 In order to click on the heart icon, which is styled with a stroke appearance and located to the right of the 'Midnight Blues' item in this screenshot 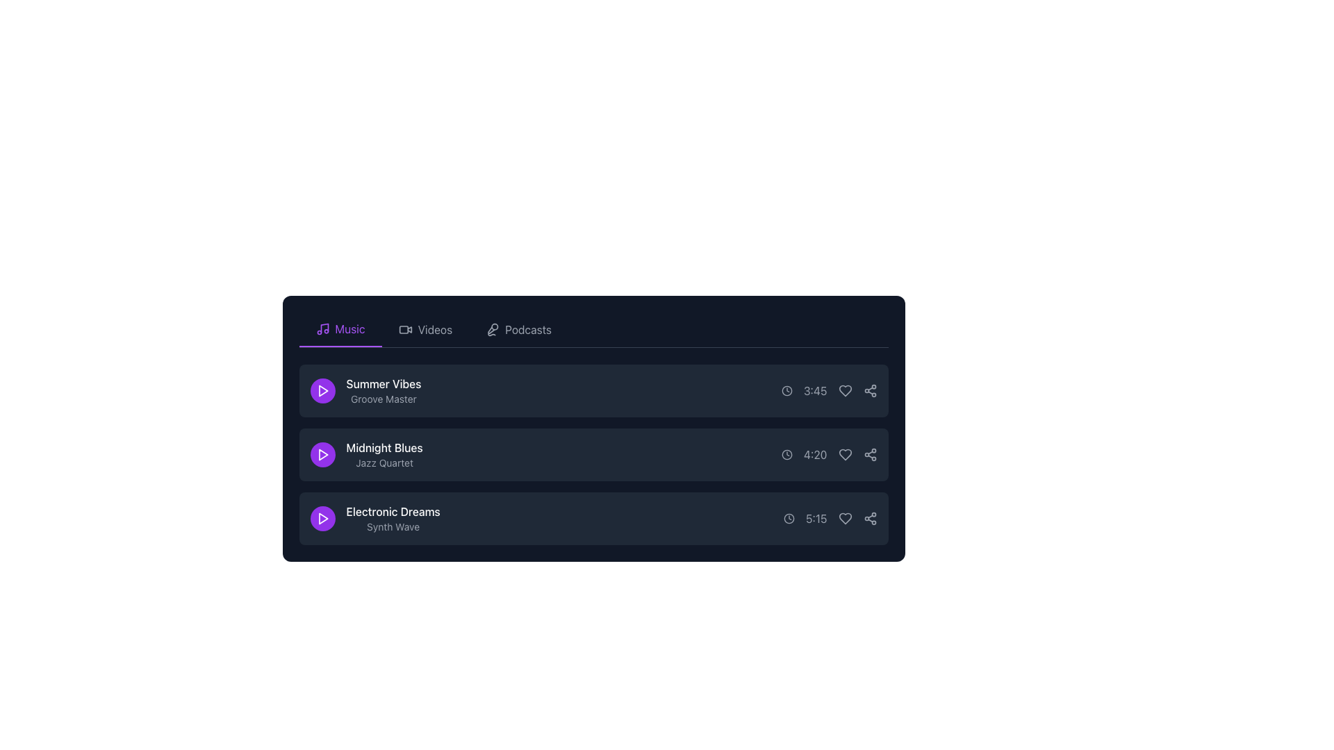, I will do `click(844, 455)`.